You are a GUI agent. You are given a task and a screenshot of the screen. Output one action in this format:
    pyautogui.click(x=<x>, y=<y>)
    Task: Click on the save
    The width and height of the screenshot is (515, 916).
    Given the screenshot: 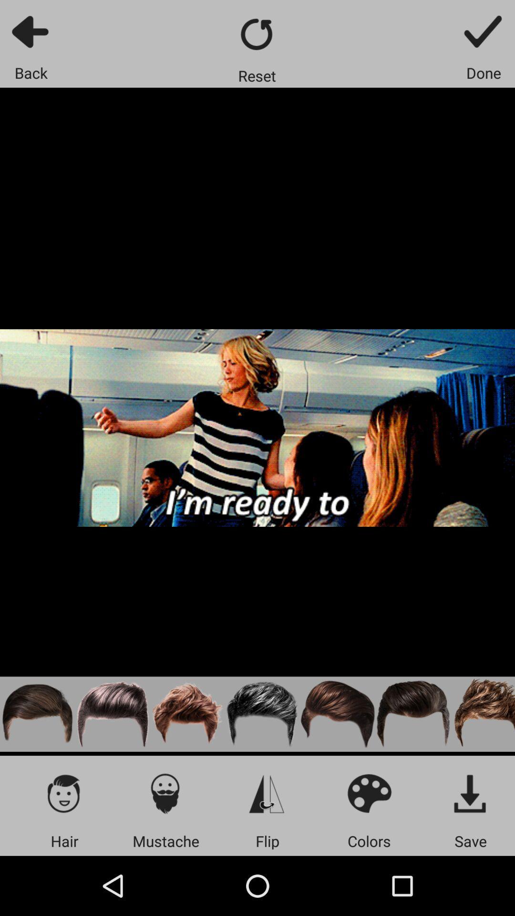 What is the action you would take?
    pyautogui.click(x=470, y=793)
    